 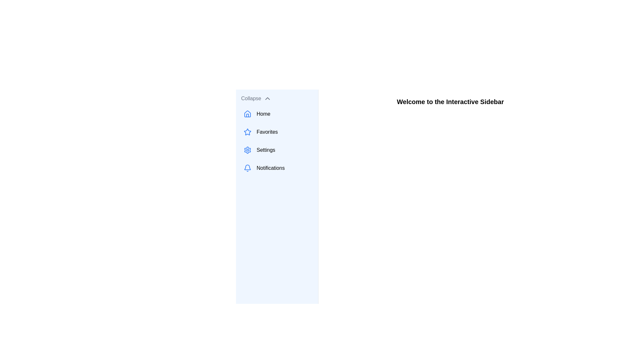 What do you see at coordinates (247, 113) in the screenshot?
I see `the house icon located in the topmost menu item labeled 'Home' in the left sidebar` at bounding box center [247, 113].